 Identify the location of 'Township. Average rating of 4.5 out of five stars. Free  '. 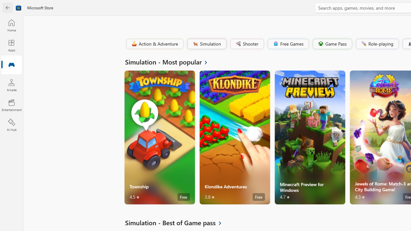
(160, 137).